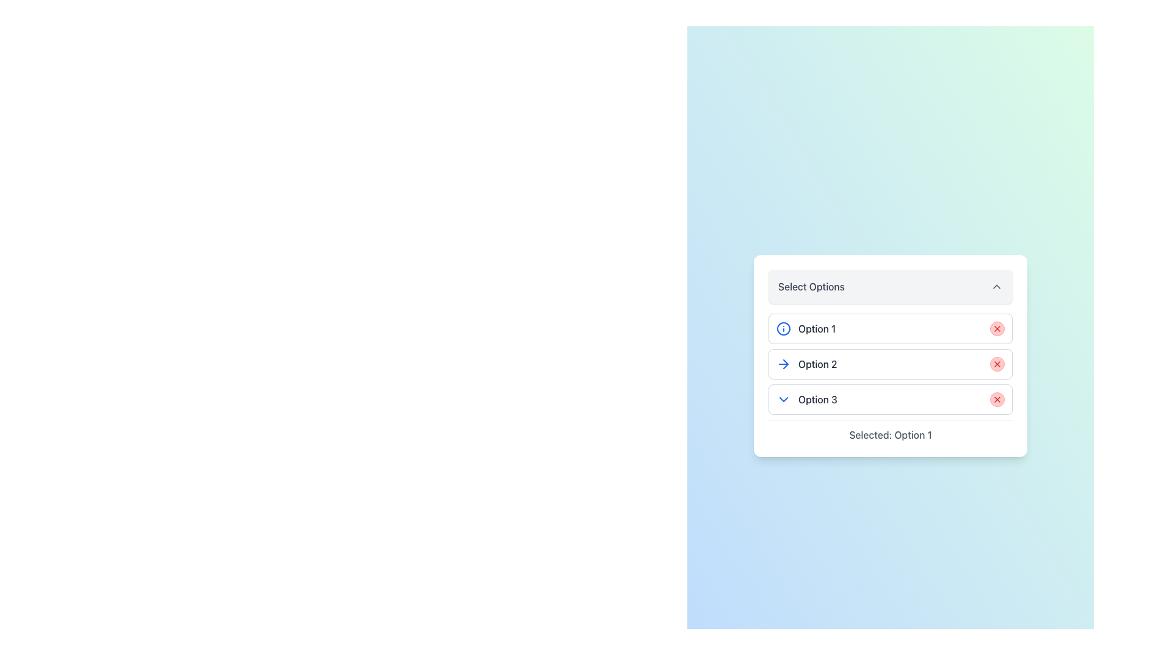 The image size is (1172, 659). I want to click on the dismiss button located in the top-right corner of the list item labeled 'Option 2' to observe visual feedback, so click(997, 363).